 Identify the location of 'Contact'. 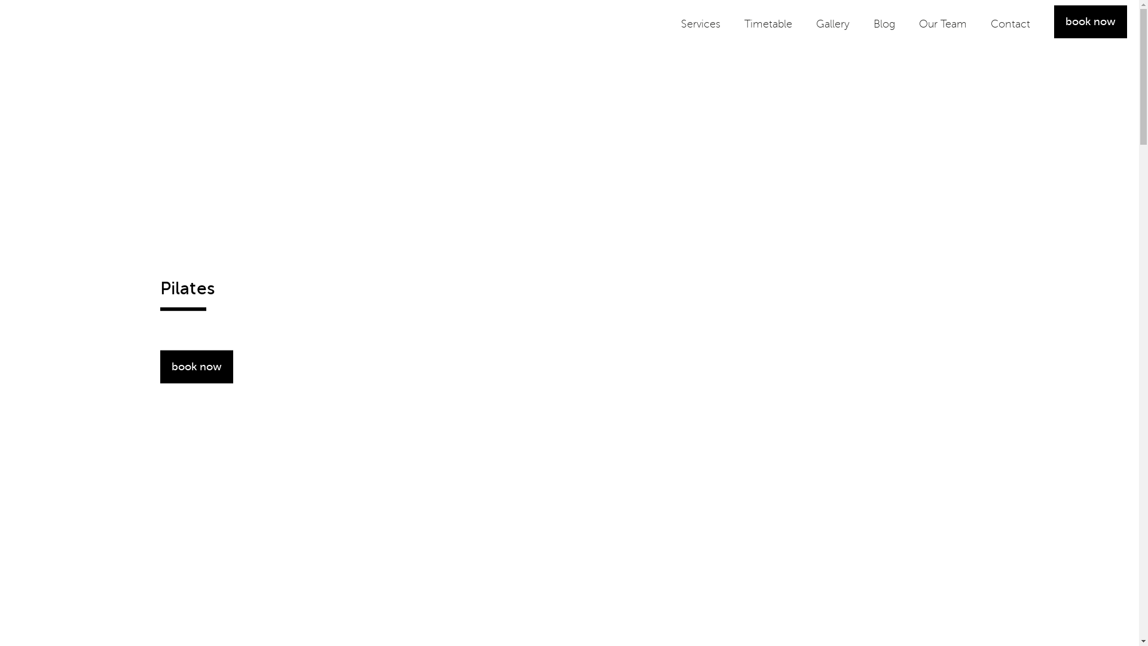
(1009, 26).